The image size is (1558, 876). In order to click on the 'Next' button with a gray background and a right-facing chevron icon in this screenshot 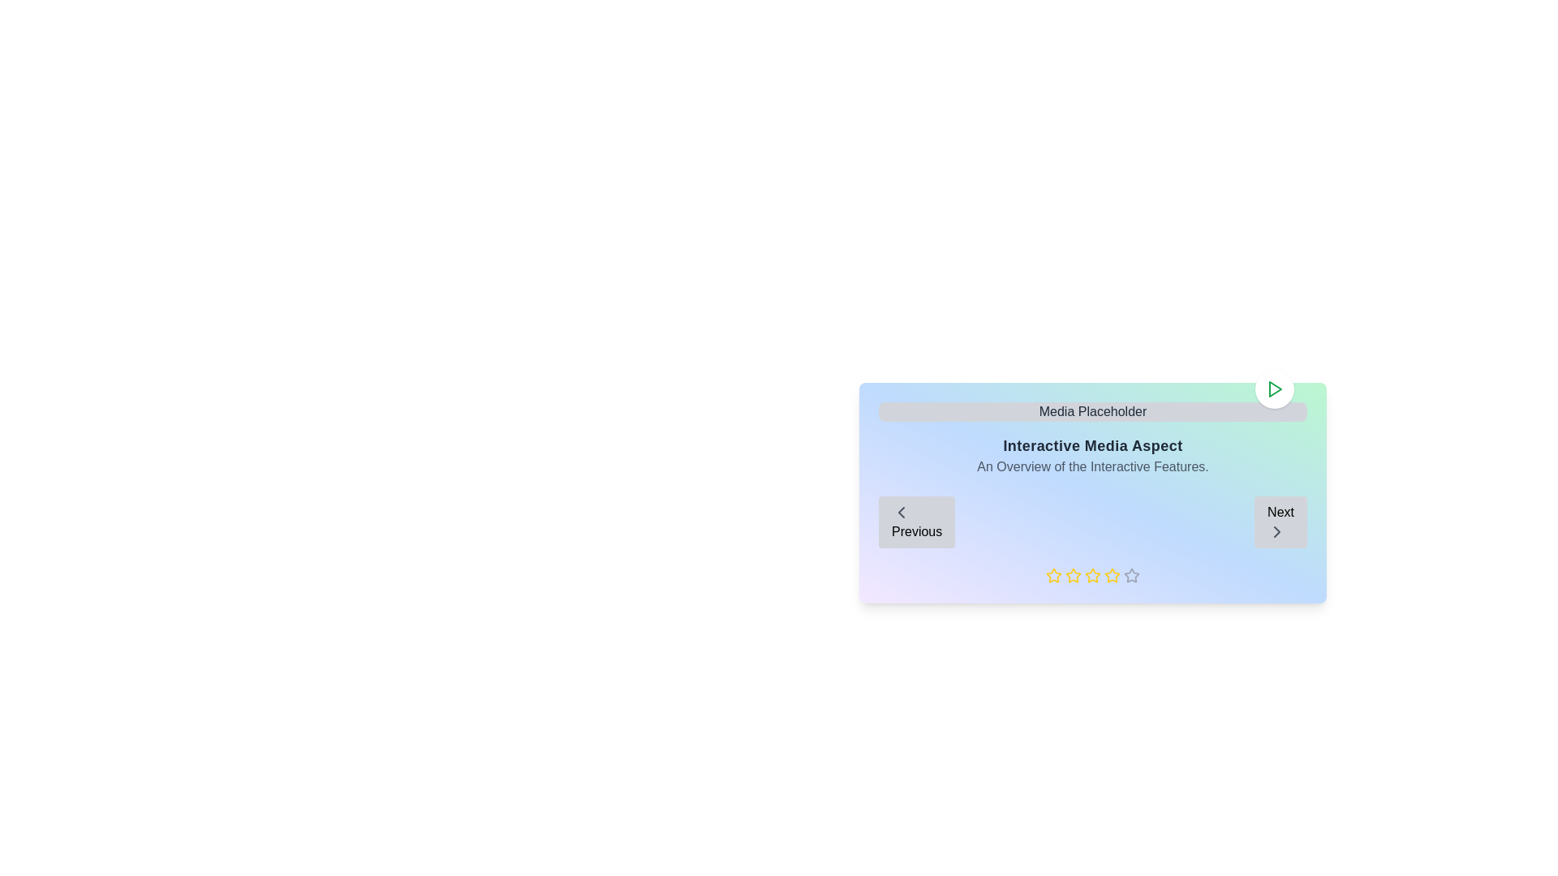, I will do `click(1280, 522)`.